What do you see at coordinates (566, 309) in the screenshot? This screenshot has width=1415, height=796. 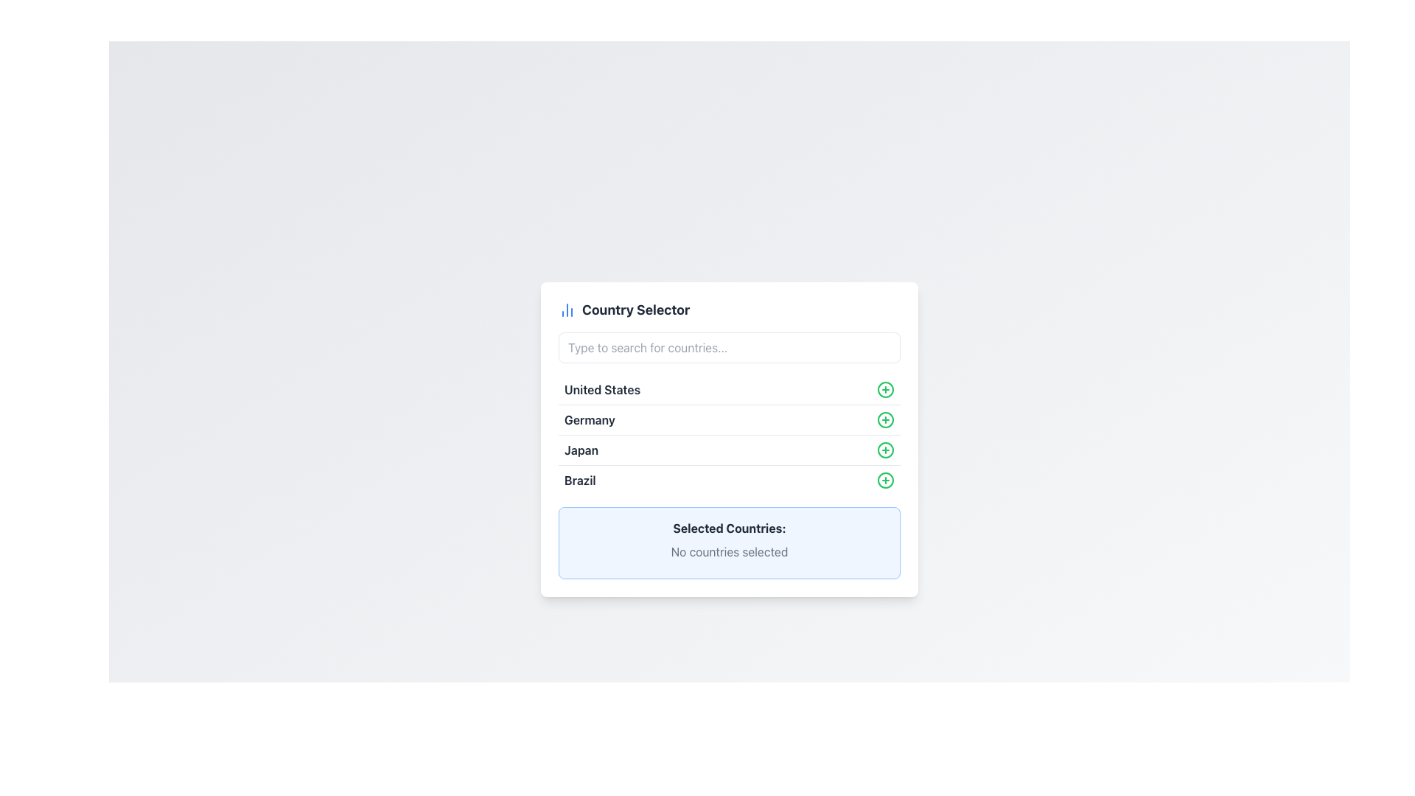 I see `the small blue vertical chart icon located to the left of the 'Country Selector' title` at bounding box center [566, 309].